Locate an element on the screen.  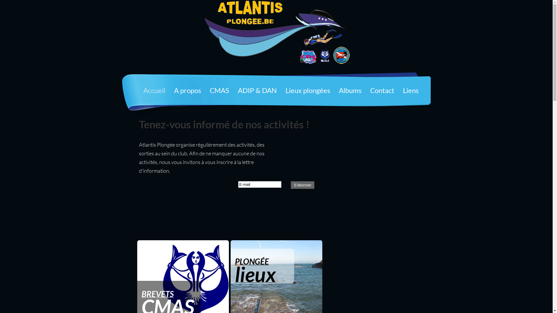
'Contact' is located at coordinates (365, 92).